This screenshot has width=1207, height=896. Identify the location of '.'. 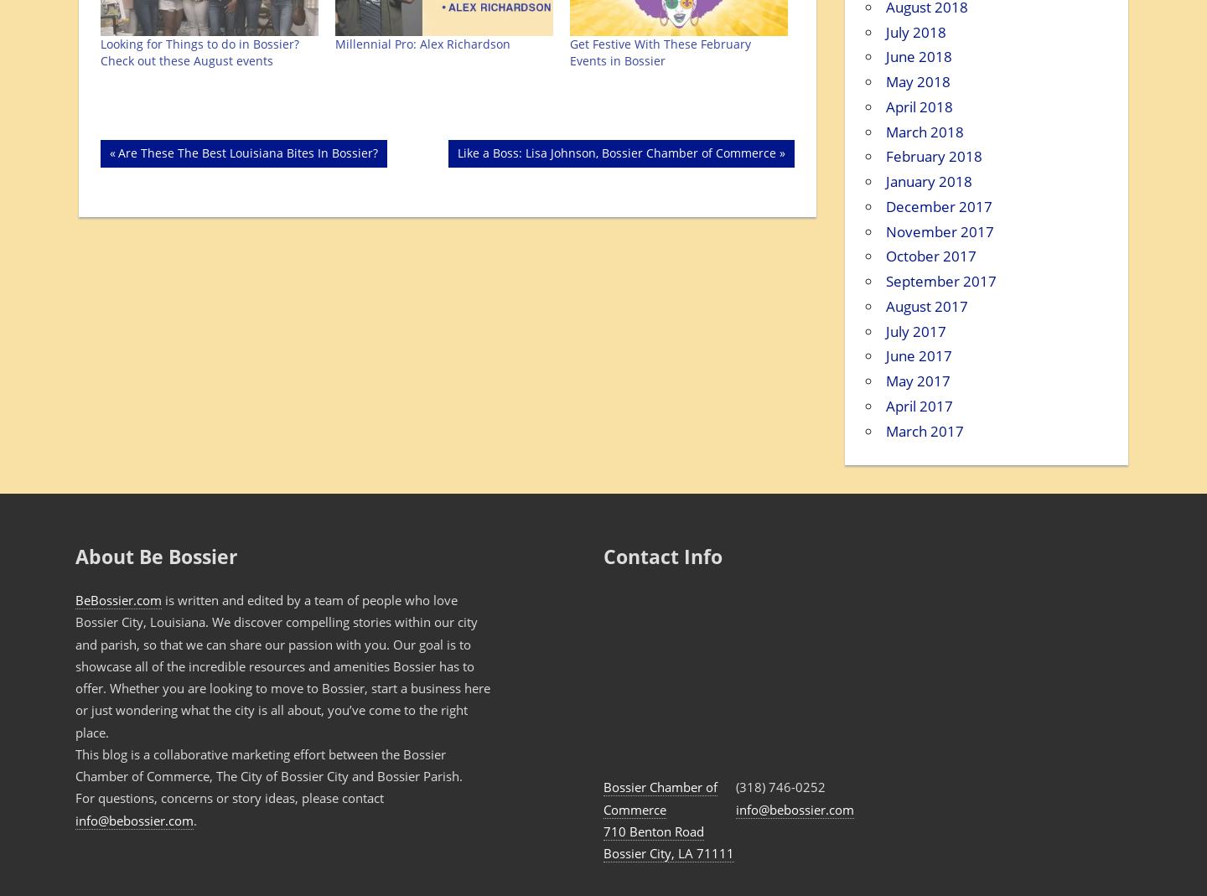
(194, 820).